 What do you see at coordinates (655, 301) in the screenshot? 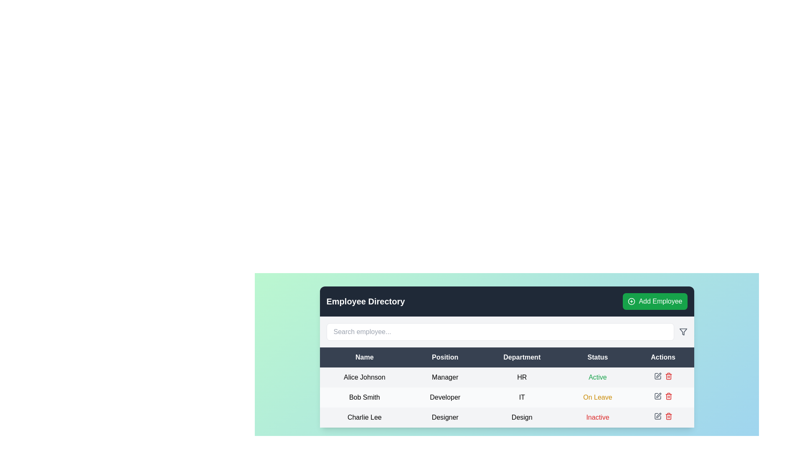
I see `the 'Add Employee' button located in the top-right corner of the 'Employee Directory' interface` at bounding box center [655, 301].